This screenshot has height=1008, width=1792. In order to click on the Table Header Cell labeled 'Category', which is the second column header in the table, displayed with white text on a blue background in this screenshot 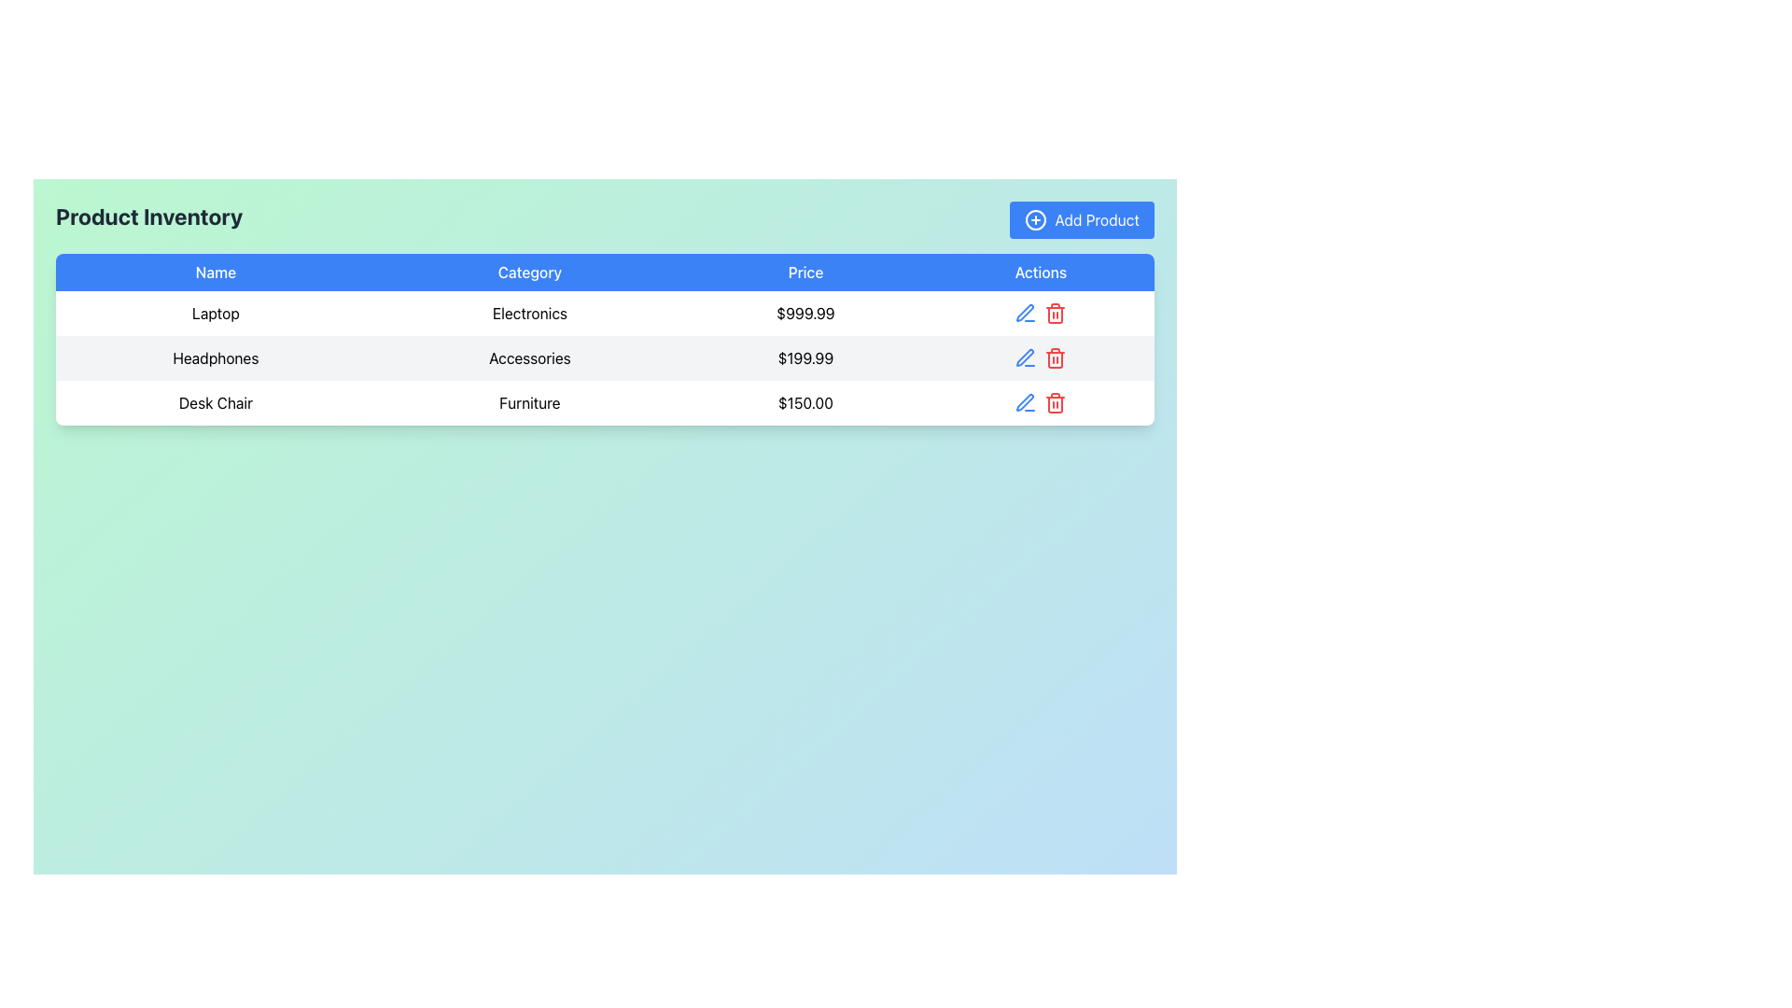, I will do `click(528, 273)`.